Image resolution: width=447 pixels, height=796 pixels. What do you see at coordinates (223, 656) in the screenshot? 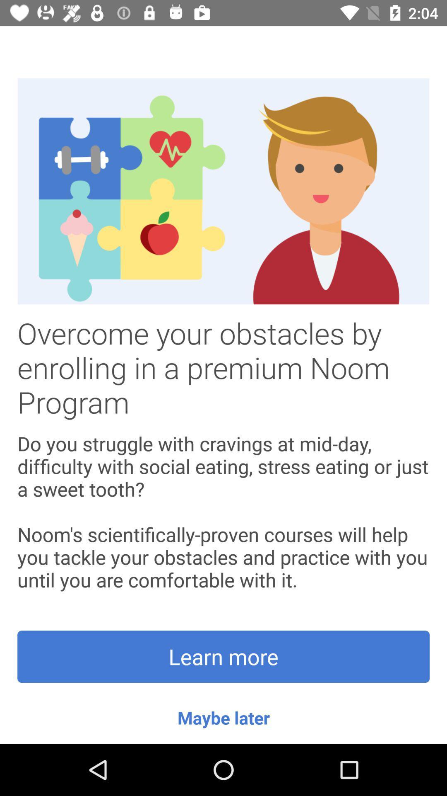
I see `learn more icon` at bounding box center [223, 656].